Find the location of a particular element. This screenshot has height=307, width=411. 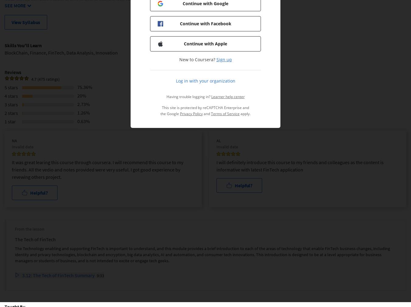

'9:33' is located at coordinates (97, 275).